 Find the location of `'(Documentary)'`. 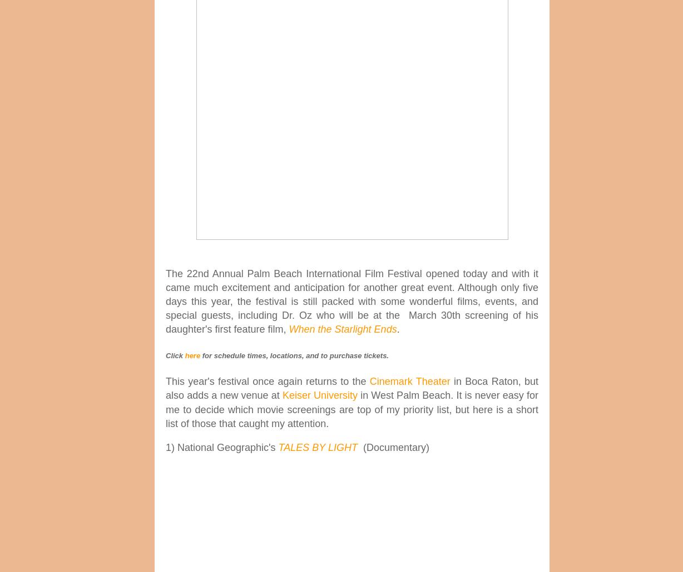

'(Documentary)' is located at coordinates (394, 446).